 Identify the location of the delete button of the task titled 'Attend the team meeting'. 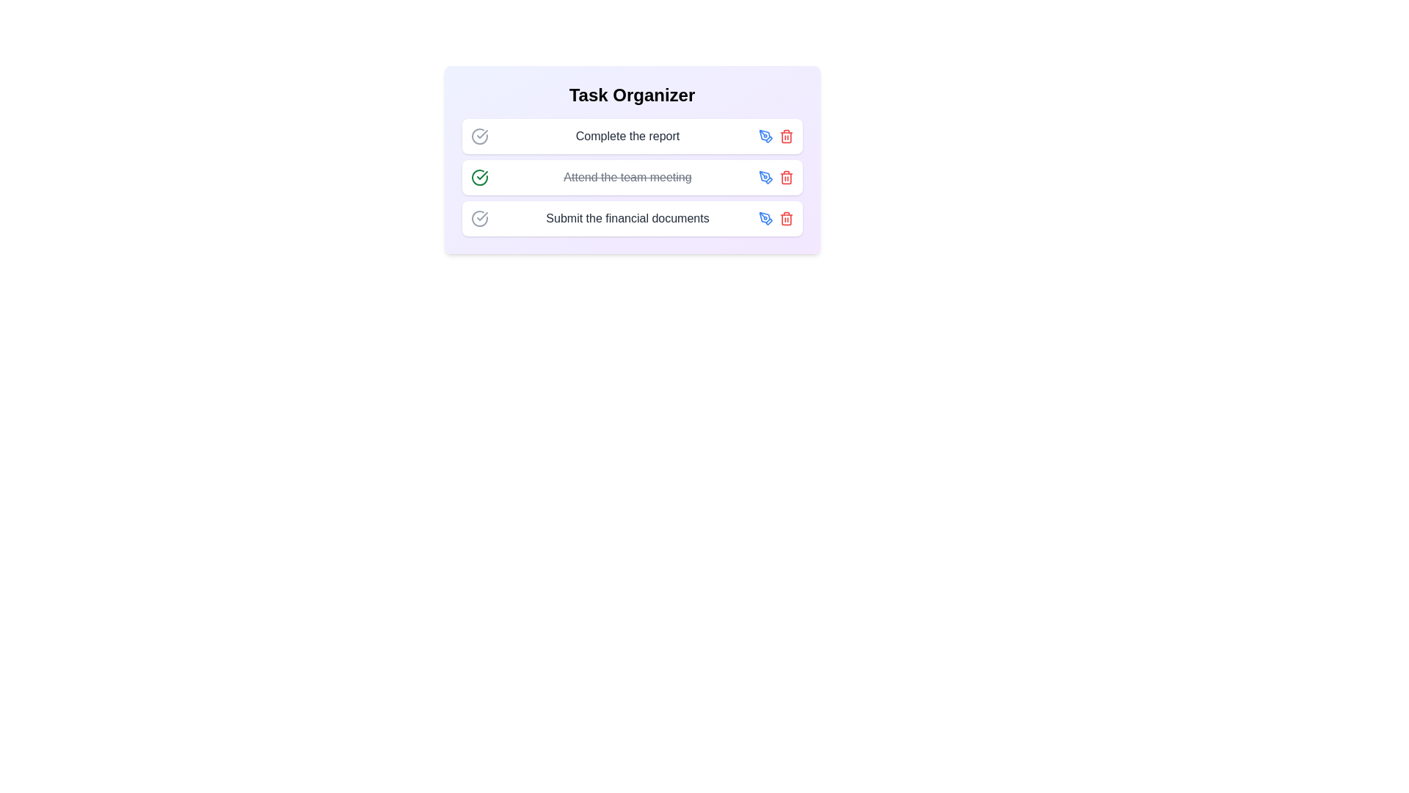
(785, 177).